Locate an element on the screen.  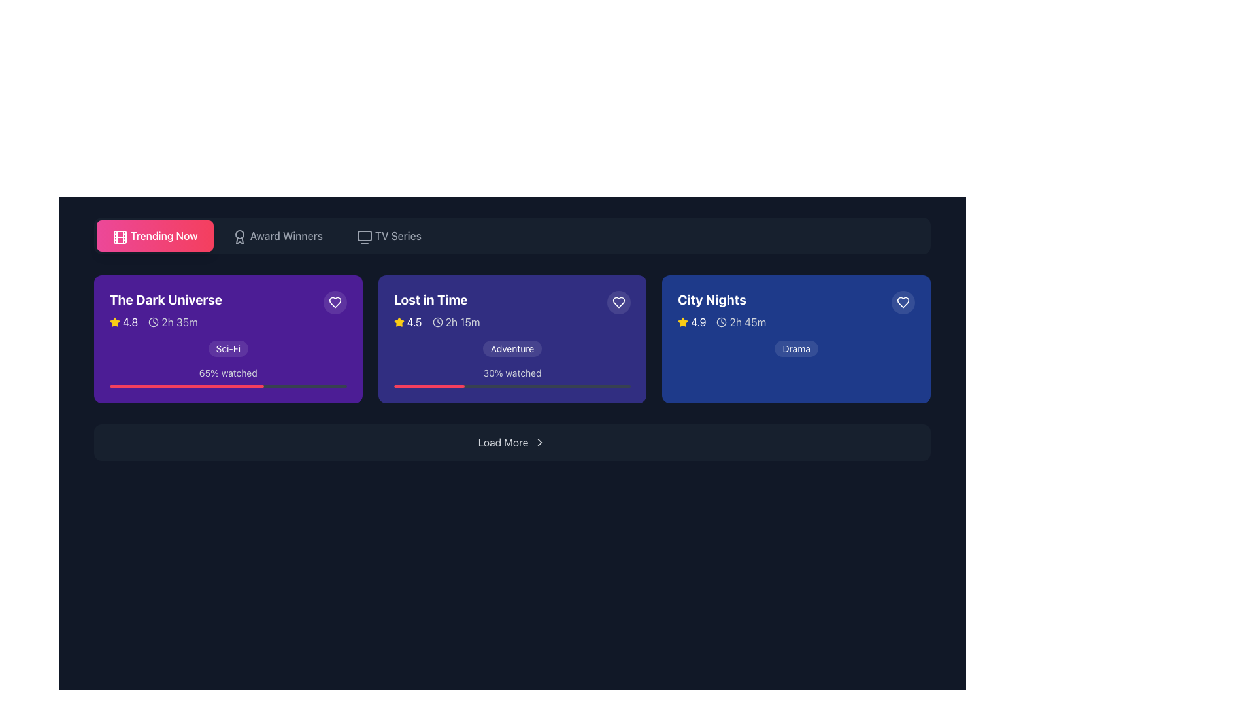
the bold textual title 'The Dark Universe' displayed in white color and large font at the top of a purple card is located at coordinates (165, 300).